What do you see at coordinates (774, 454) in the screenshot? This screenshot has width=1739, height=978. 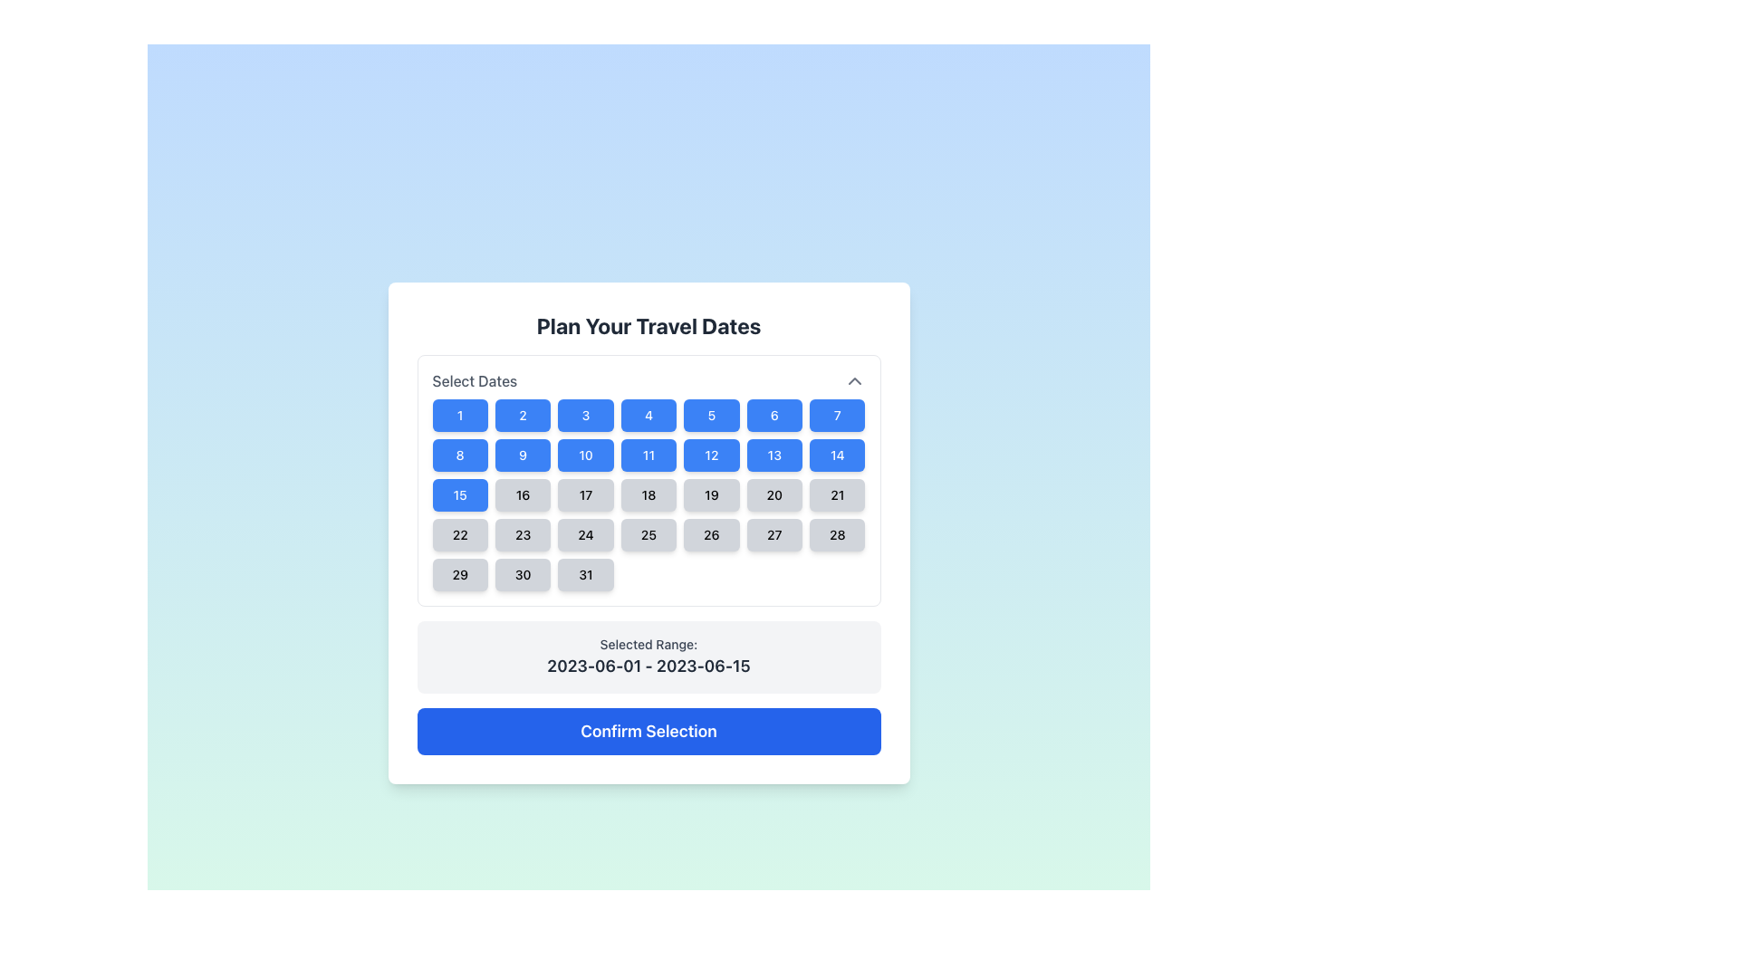 I see `the blue rectangular button with rounded borders displaying the number '13'` at bounding box center [774, 454].